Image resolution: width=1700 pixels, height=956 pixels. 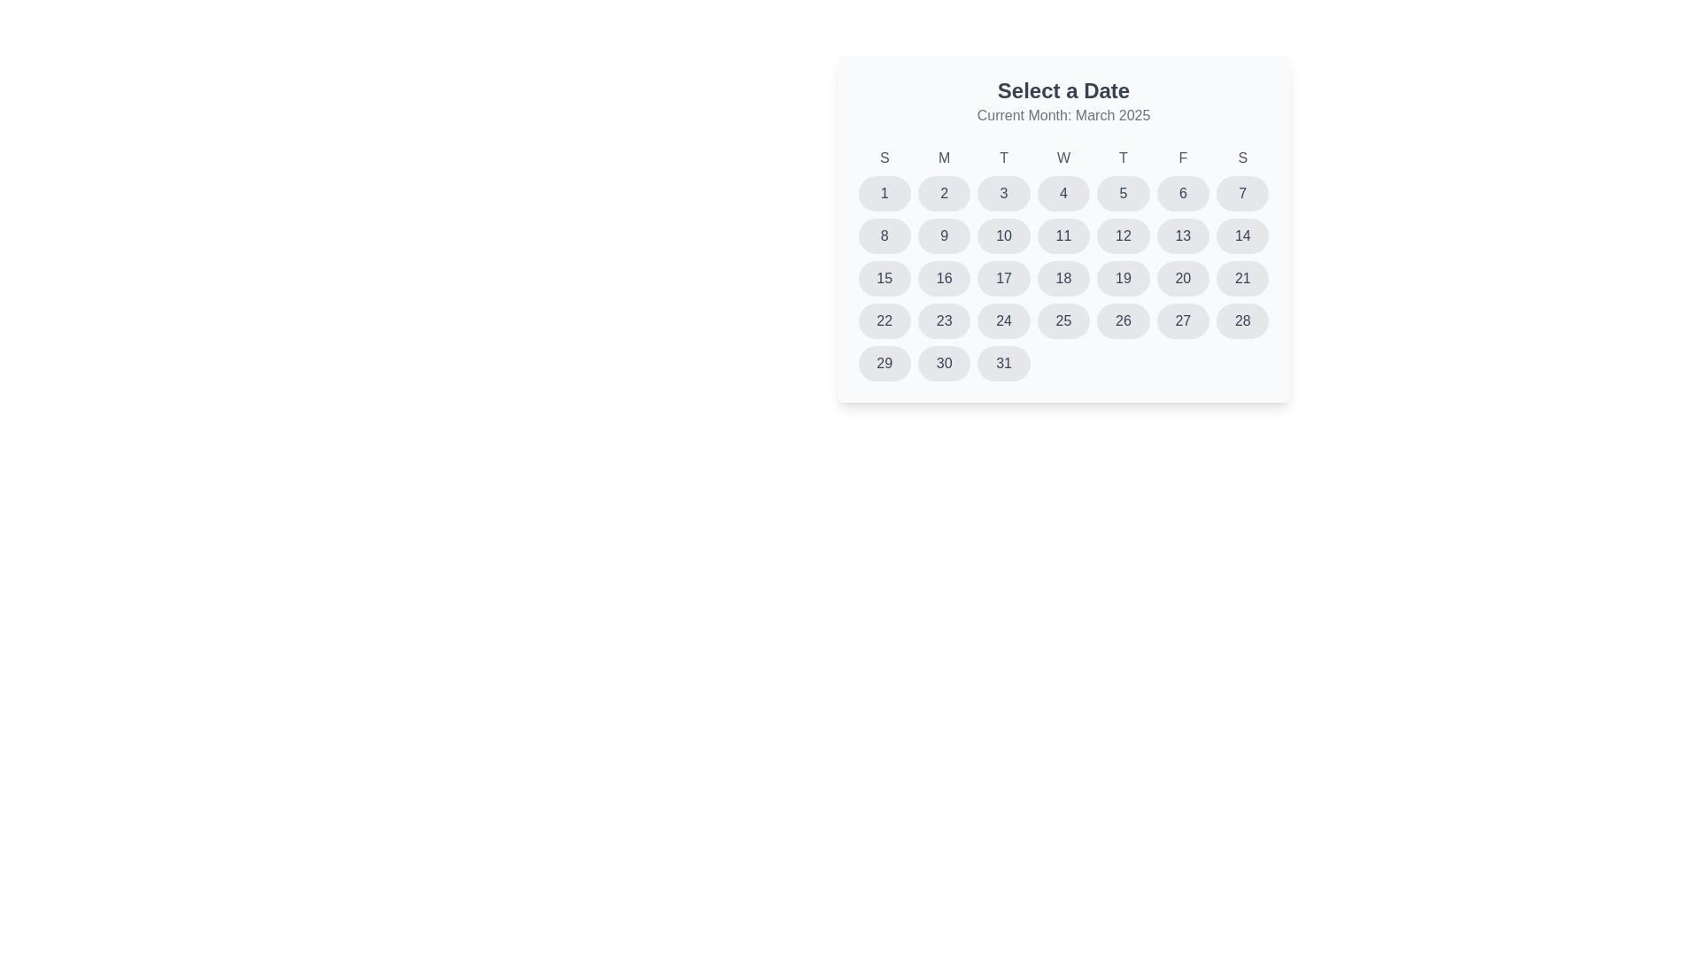 I want to click on the rounded button with the number '18' in the calendar layout, so click(x=1062, y=279).